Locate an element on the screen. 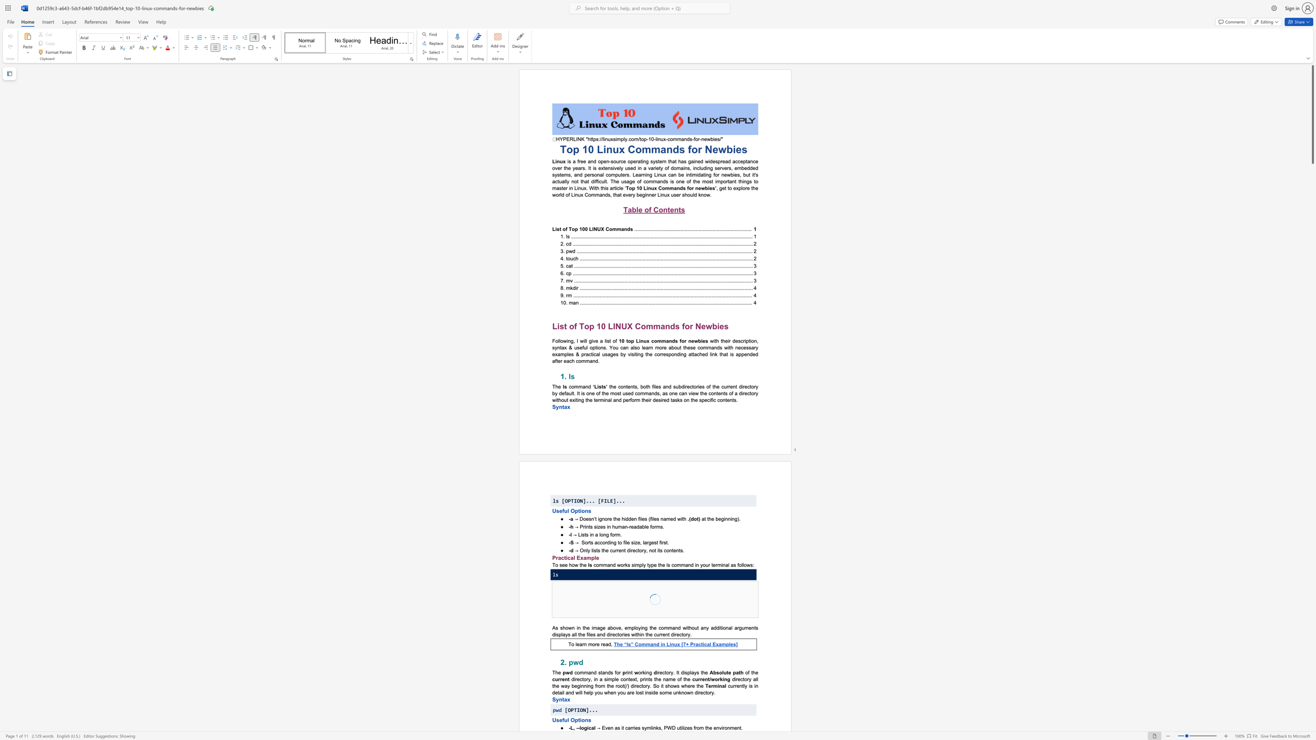 The image size is (1316, 740). the scrollbar on the right to move the page downward is located at coordinates (1312, 493).